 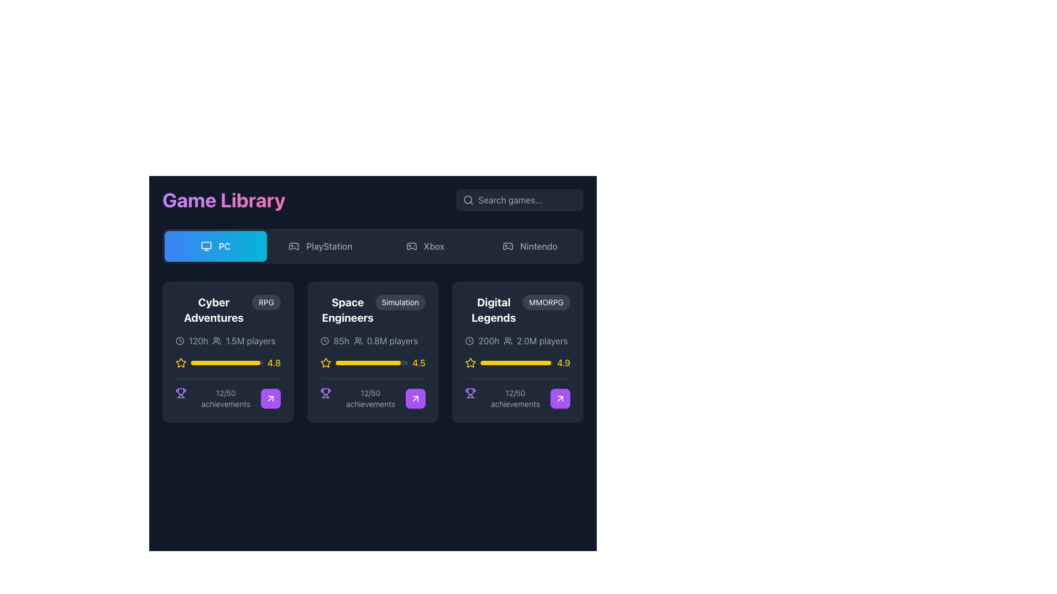 What do you see at coordinates (325, 392) in the screenshot?
I see `the purple trophy icon located to the left of the '12/50 achievements' text in the 'Space Engineers' card` at bounding box center [325, 392].